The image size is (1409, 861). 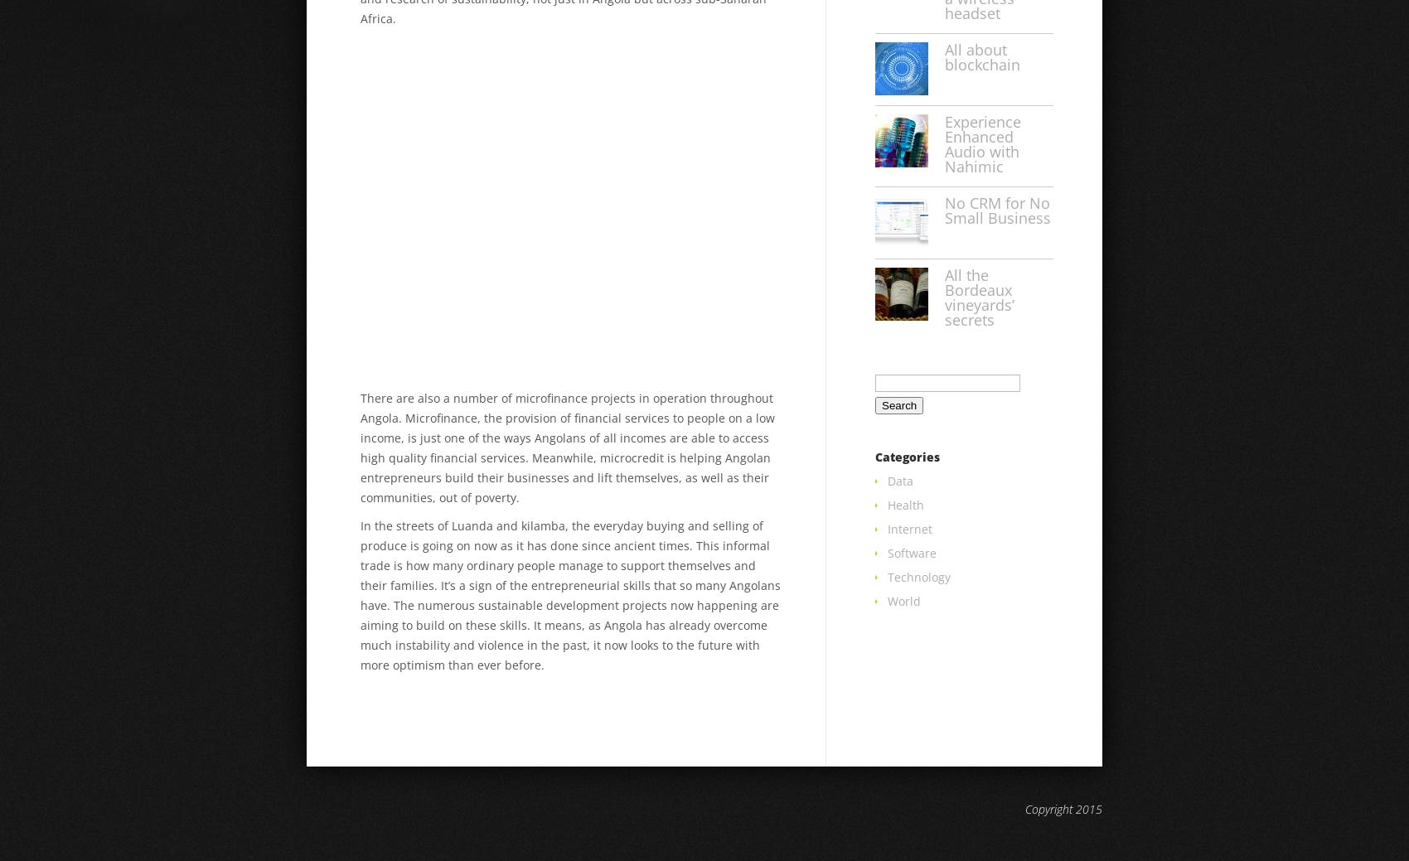 I want to click on 'Internet', so click(x=910, y=529).